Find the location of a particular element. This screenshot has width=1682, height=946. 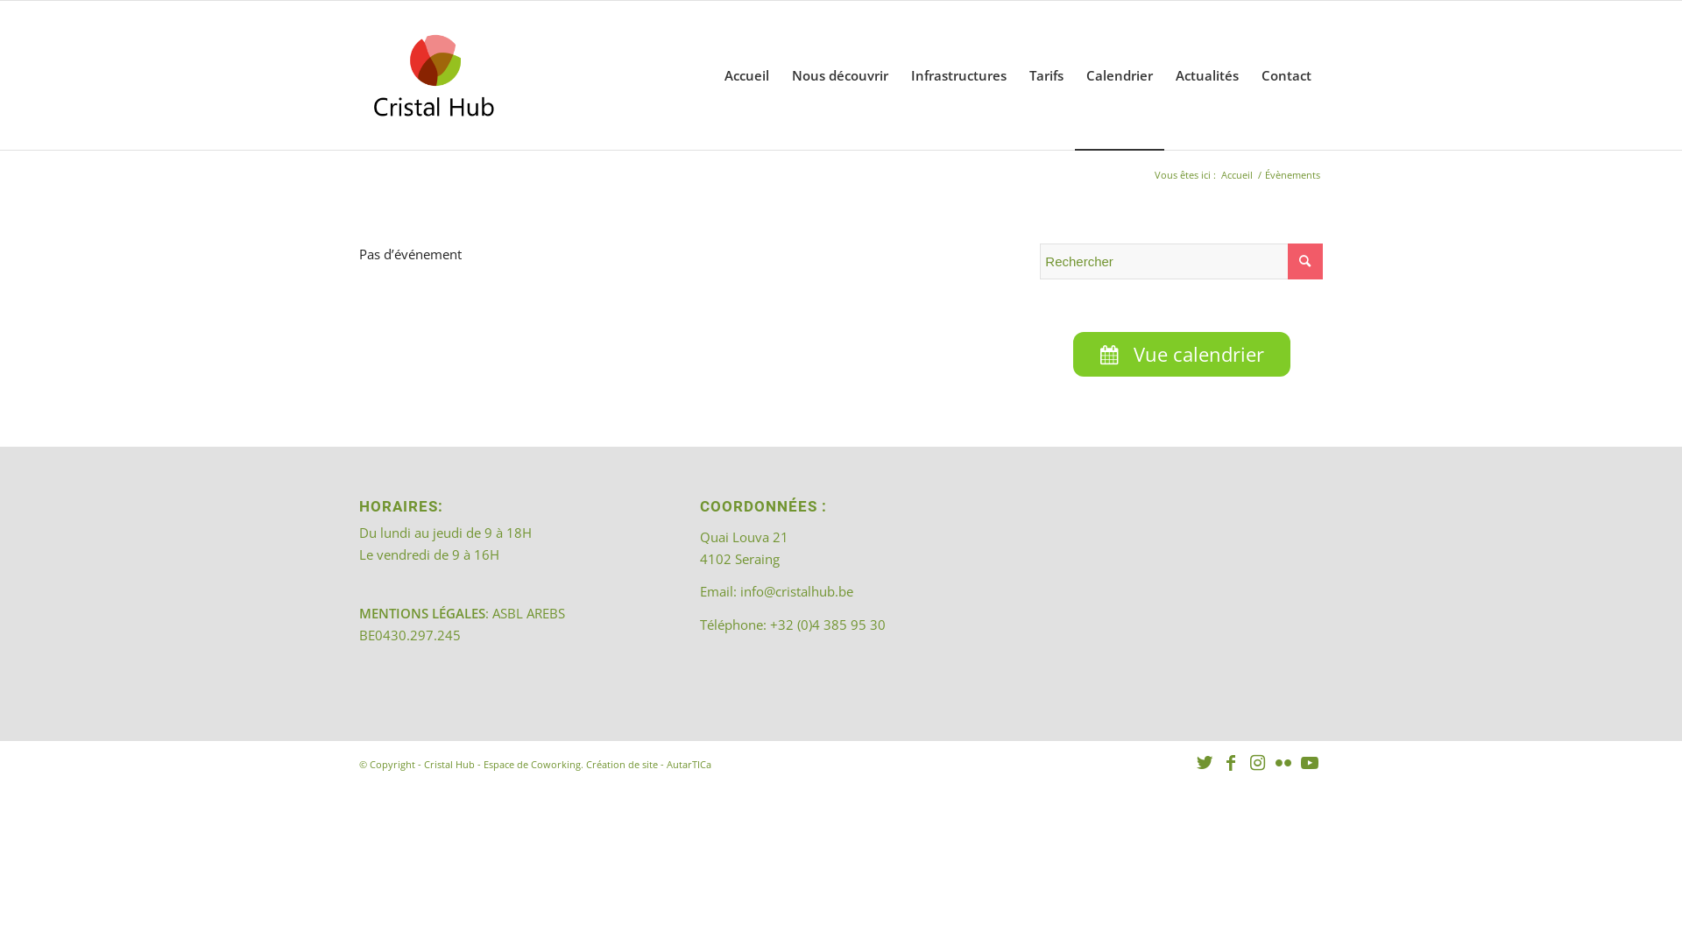

'Instagram' is located at coordinates (1256, 762).